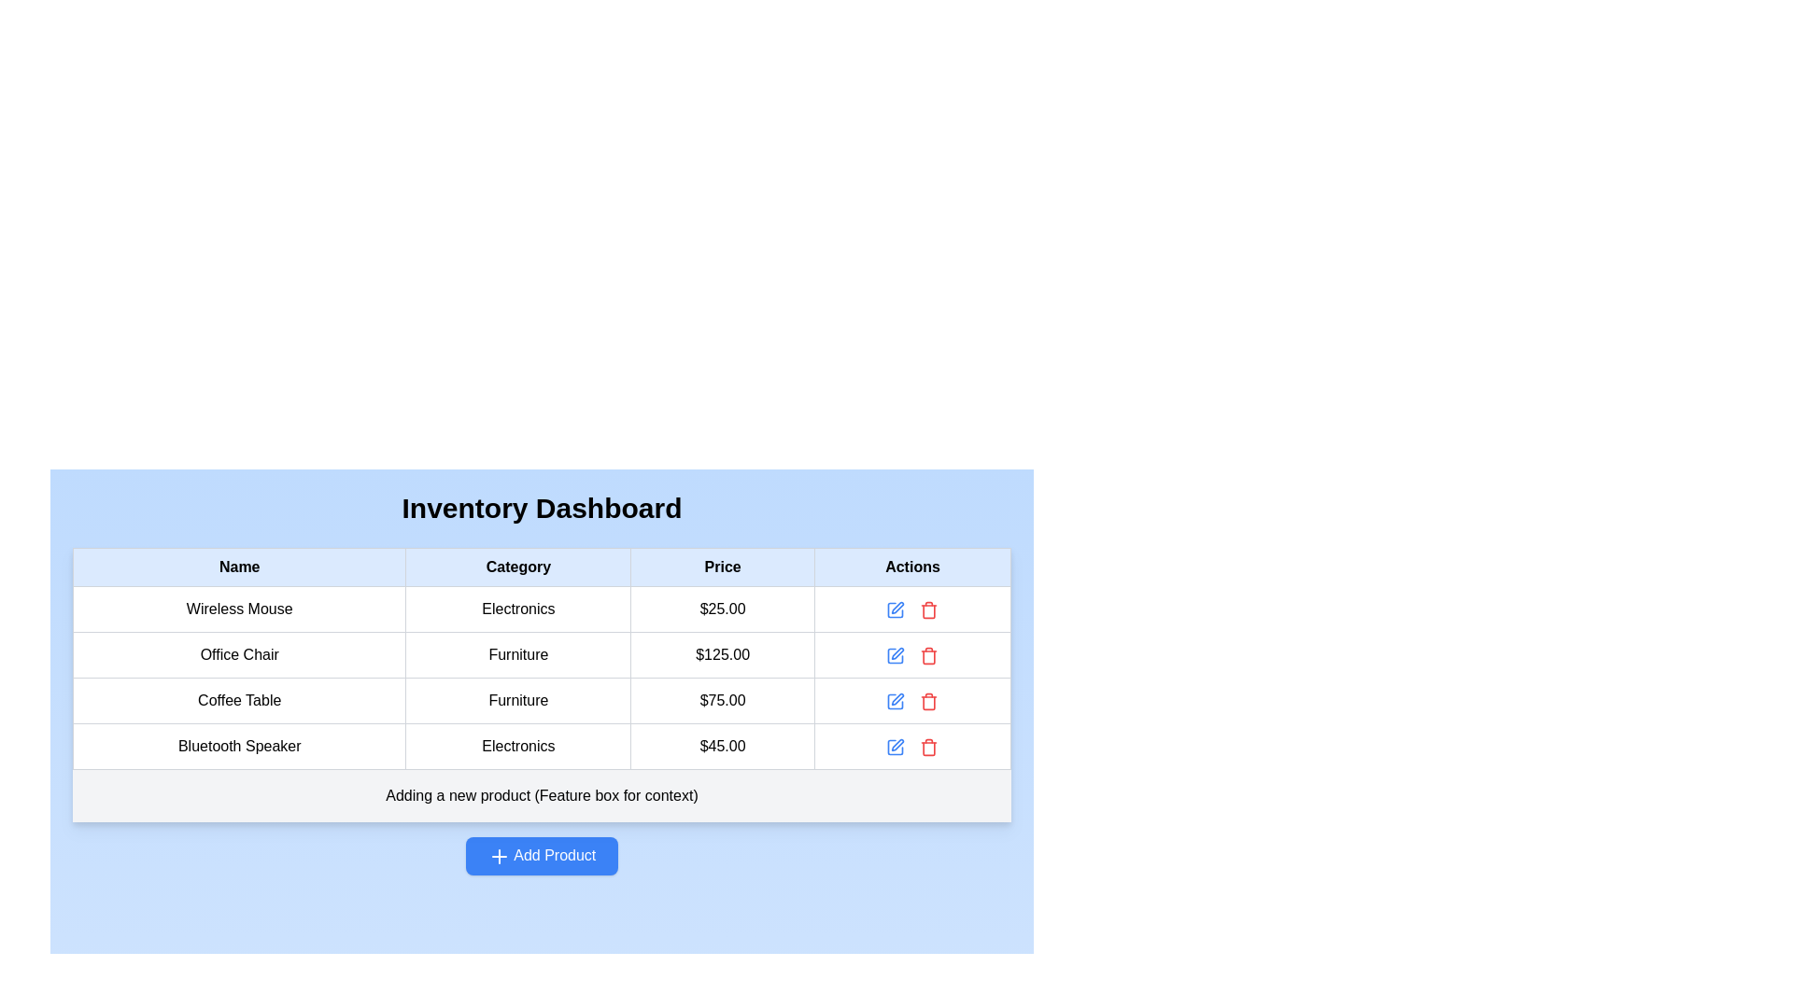  What do you see at coordinates (929, 654) in the screenshot?
I see `the 'Delete' icon button located in the 'Actions' column of the second row in the table to trigger visual feedback` at bounding box center [929, 654].